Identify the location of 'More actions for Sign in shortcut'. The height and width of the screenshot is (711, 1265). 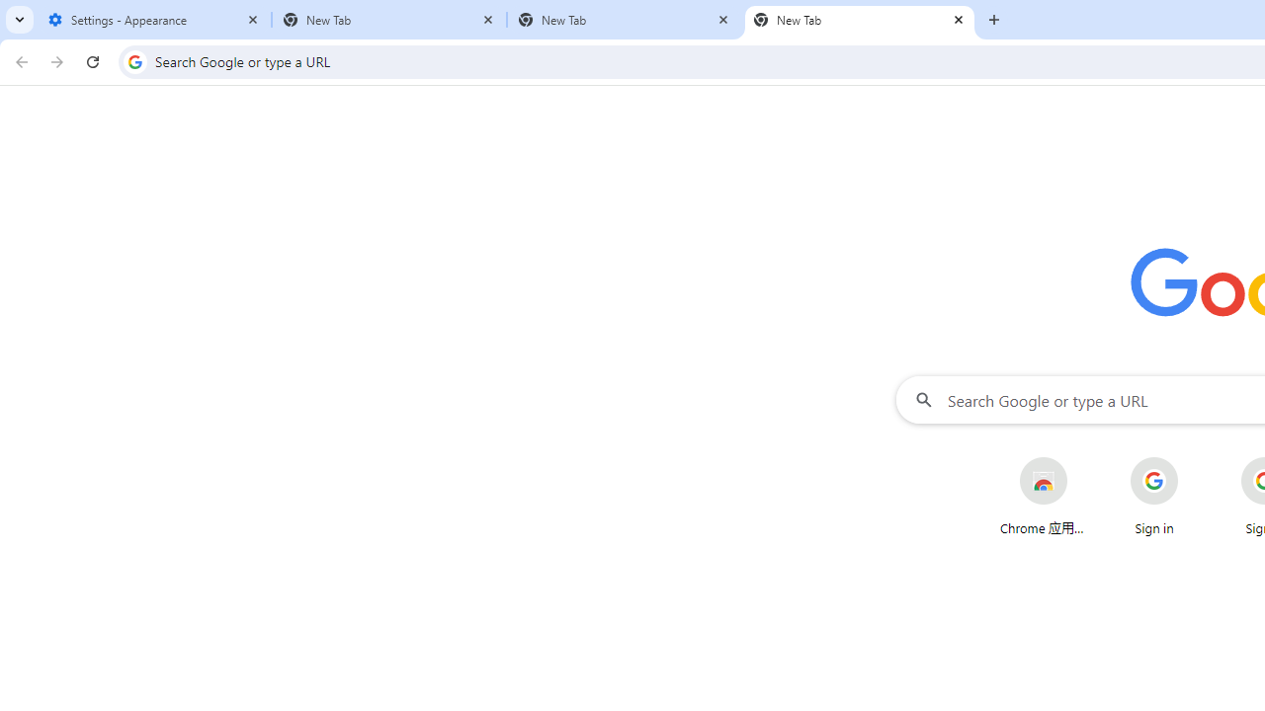
(1193, 458).